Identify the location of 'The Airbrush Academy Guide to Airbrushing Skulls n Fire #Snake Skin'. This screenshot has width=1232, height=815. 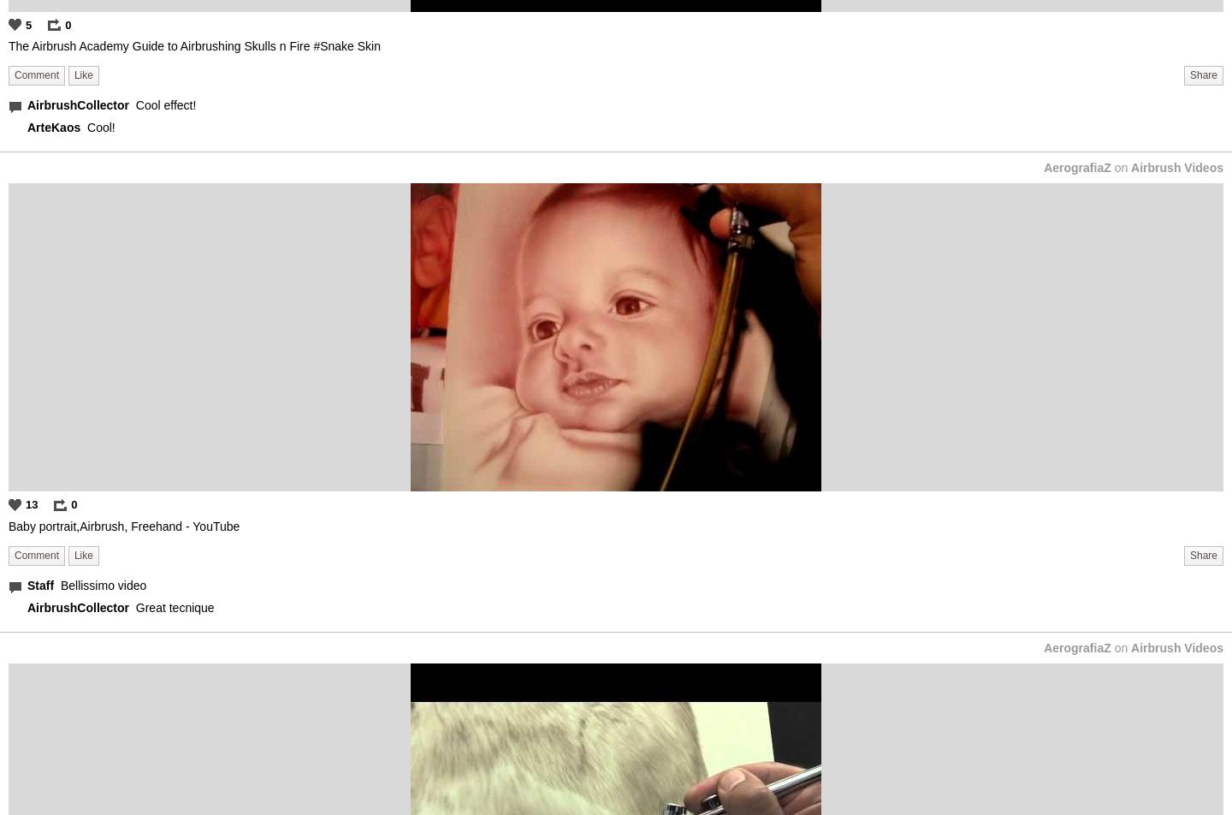
(194, 45).